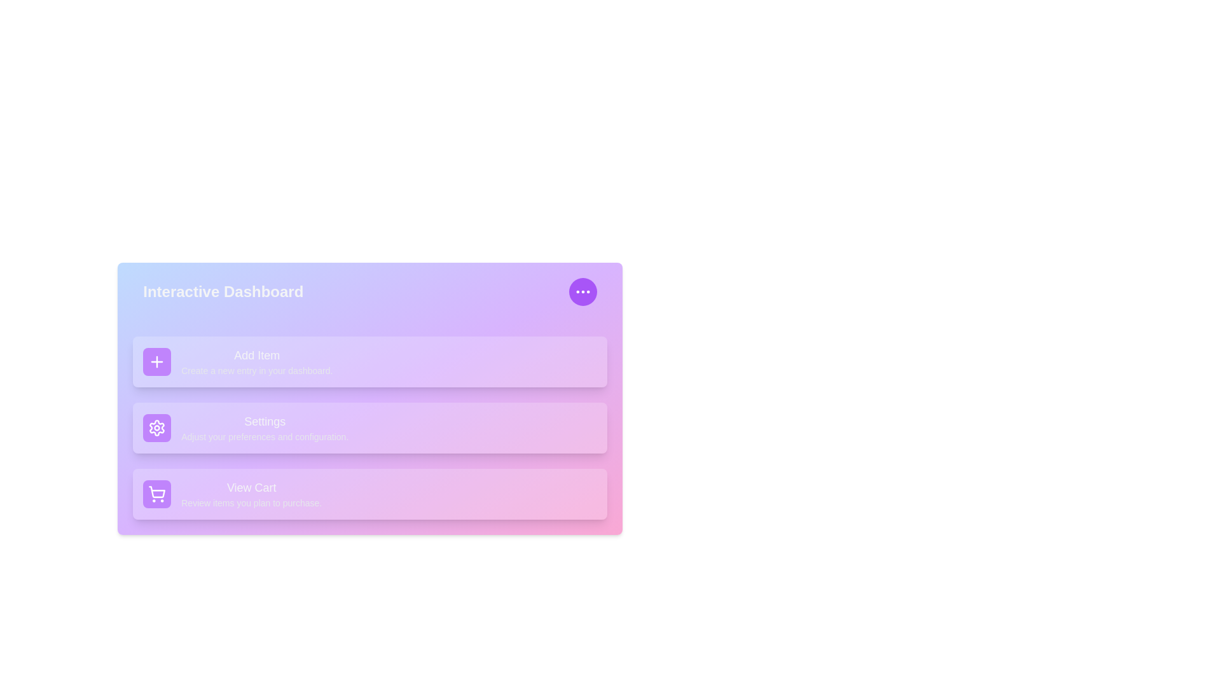  I want to click on the 'Add Item' button to select it, so click(256, 362).